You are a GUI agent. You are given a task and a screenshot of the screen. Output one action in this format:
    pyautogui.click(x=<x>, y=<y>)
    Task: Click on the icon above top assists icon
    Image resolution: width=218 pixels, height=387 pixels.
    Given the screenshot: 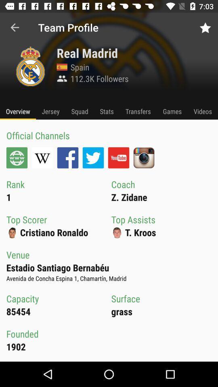 What is the action you would take?
    pyautogui.click(x=172, y=111)
    